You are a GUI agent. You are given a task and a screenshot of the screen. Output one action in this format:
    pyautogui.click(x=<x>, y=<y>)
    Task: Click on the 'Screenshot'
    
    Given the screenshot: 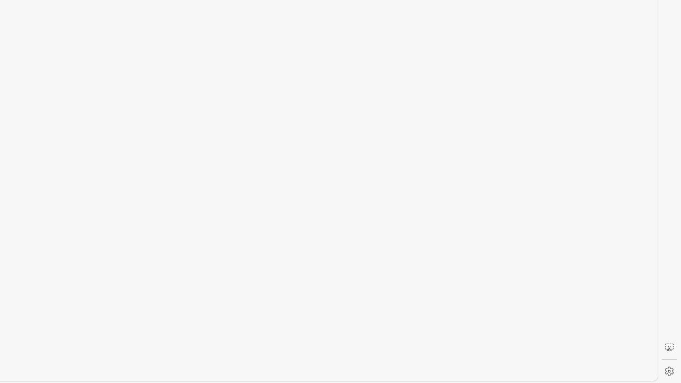 What is the action you would take?
    pyautogui.click(x=668, y=347)
    